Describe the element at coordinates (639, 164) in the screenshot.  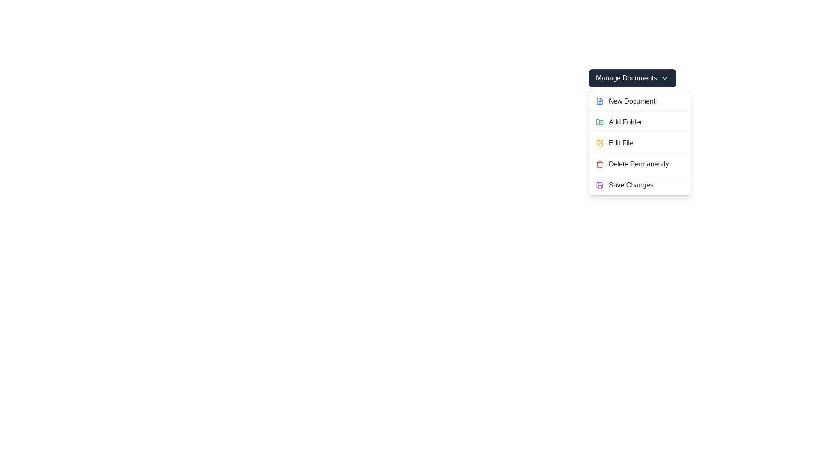
I see `the 'Delete' text label in the 'Manage Documents' dropdown menu` at that location.